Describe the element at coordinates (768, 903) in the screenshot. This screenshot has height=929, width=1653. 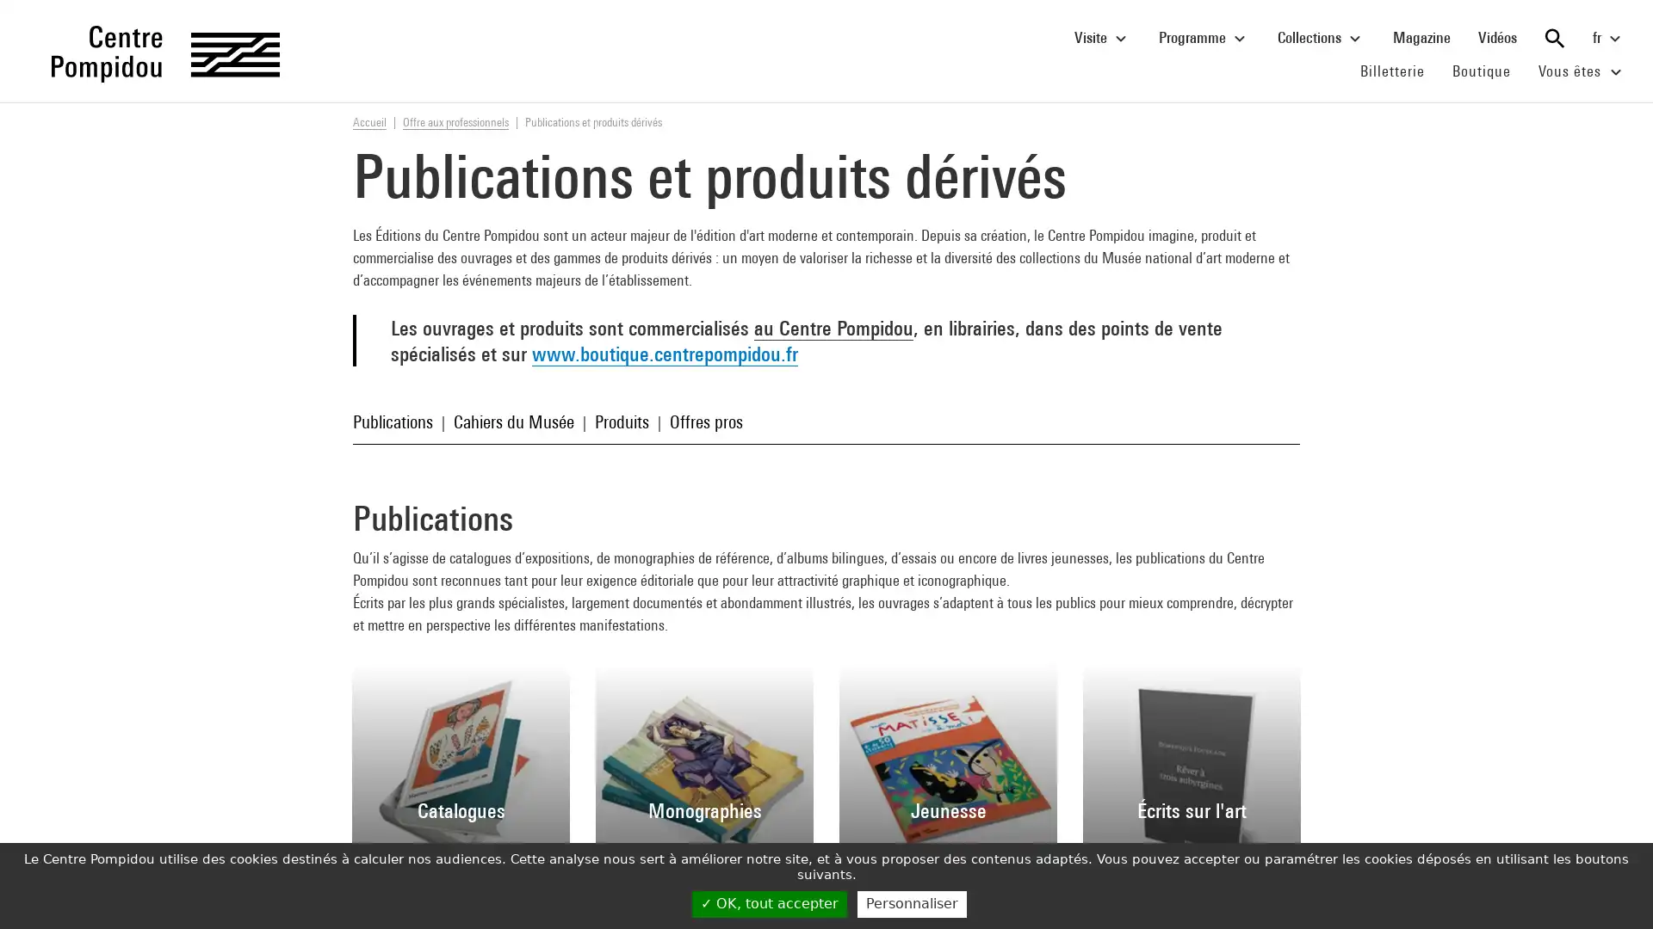
I see `OK, tout accepter` at that location.